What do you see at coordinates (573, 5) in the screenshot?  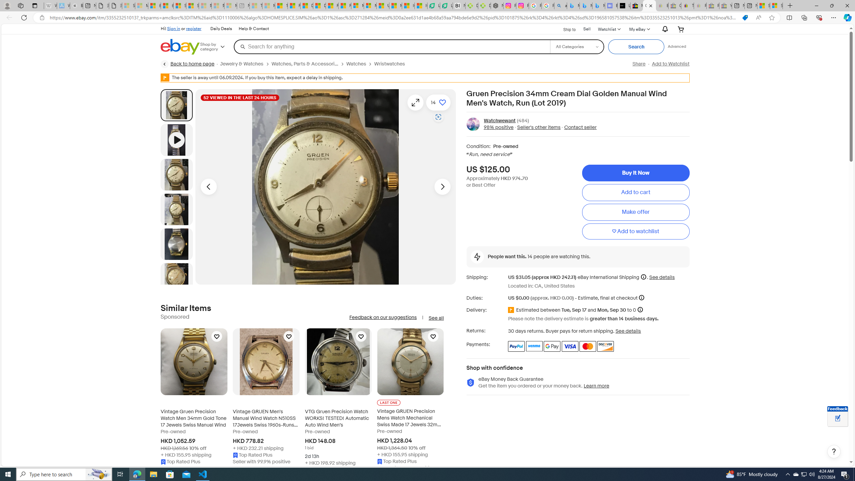 I see `'Microsoft Bing Travel - Flights from Hong Kong to Bangkok'` at bounding box center [573, 5].